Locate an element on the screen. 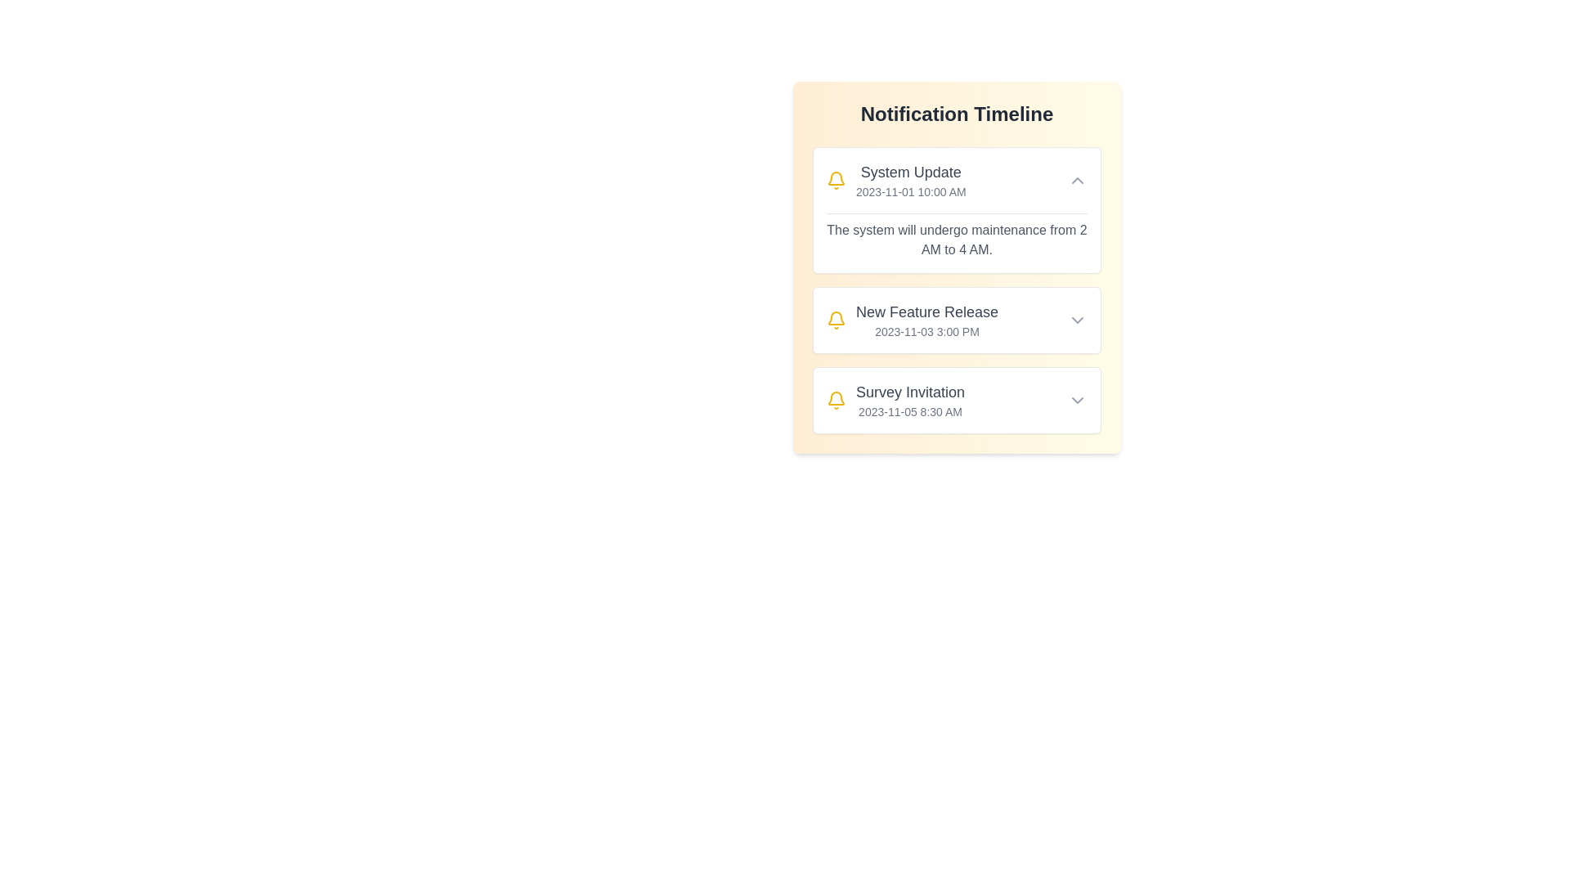  informational text element displaying the message 'The system will undergo maintenance from 2 AM to 4 AM.' which is styled with a gray font and located within the 'System Update' section of the notification timeline is located at coordinates (957, 240).